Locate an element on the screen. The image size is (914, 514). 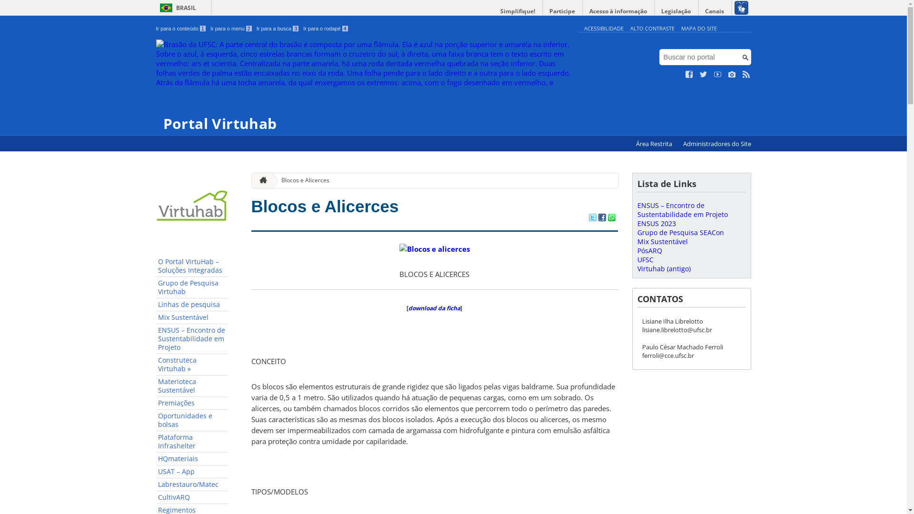
'BRASIL' is located at coordinates (176, 8).